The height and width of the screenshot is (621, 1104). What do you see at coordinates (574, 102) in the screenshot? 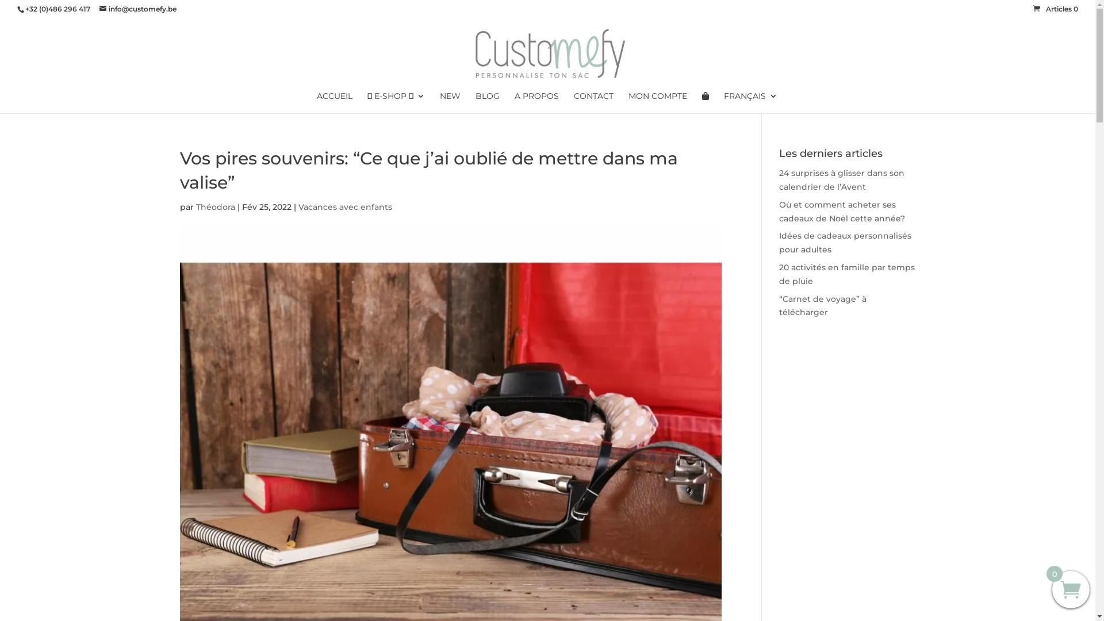
I see `'CONTACT'` at bounding box center [574, 102].